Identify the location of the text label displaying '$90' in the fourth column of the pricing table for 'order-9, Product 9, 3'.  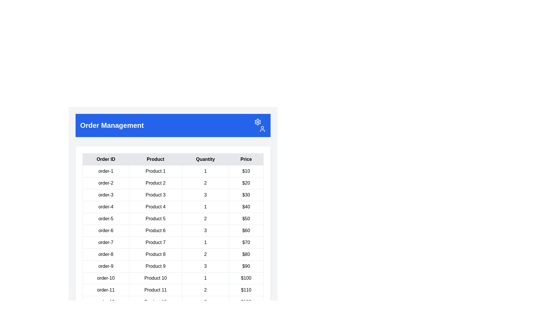
(246, 266).